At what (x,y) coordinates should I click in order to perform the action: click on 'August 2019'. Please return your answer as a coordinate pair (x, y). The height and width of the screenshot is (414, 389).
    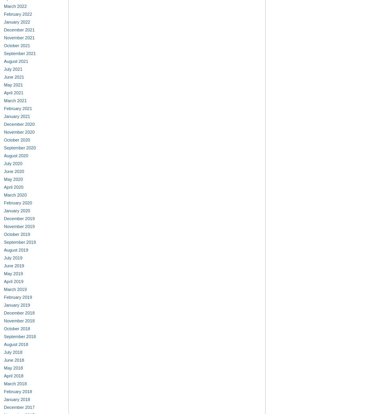
    Looking at the image, I should click on (15, 250).